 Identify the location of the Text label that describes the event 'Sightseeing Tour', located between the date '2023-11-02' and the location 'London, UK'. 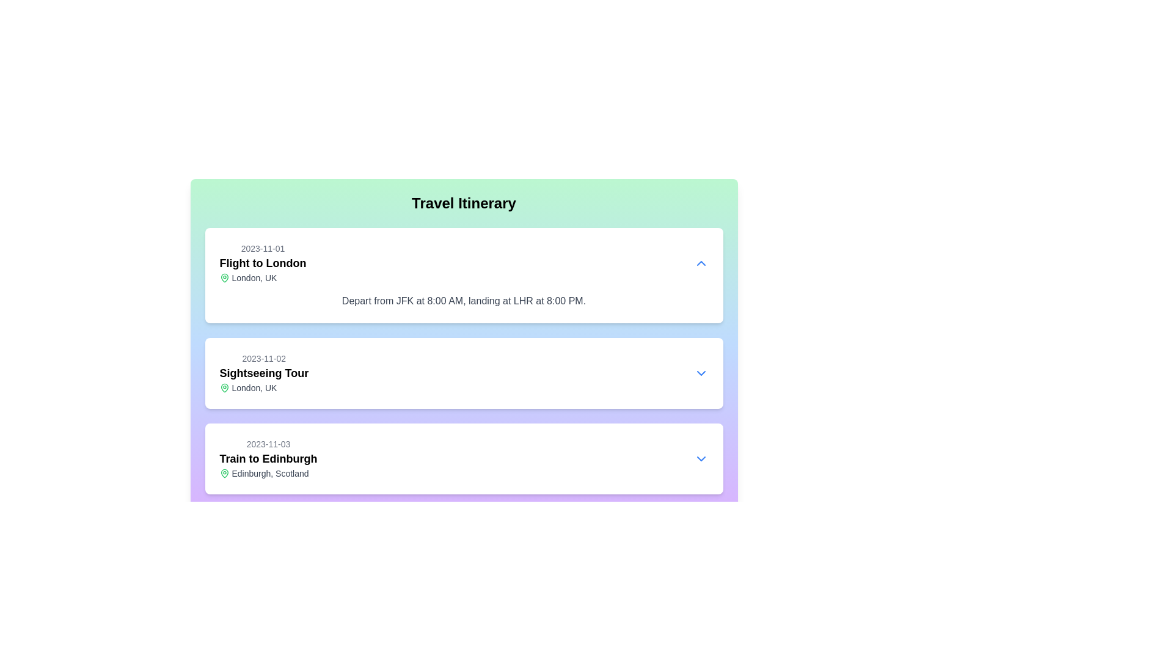
(263, 372).